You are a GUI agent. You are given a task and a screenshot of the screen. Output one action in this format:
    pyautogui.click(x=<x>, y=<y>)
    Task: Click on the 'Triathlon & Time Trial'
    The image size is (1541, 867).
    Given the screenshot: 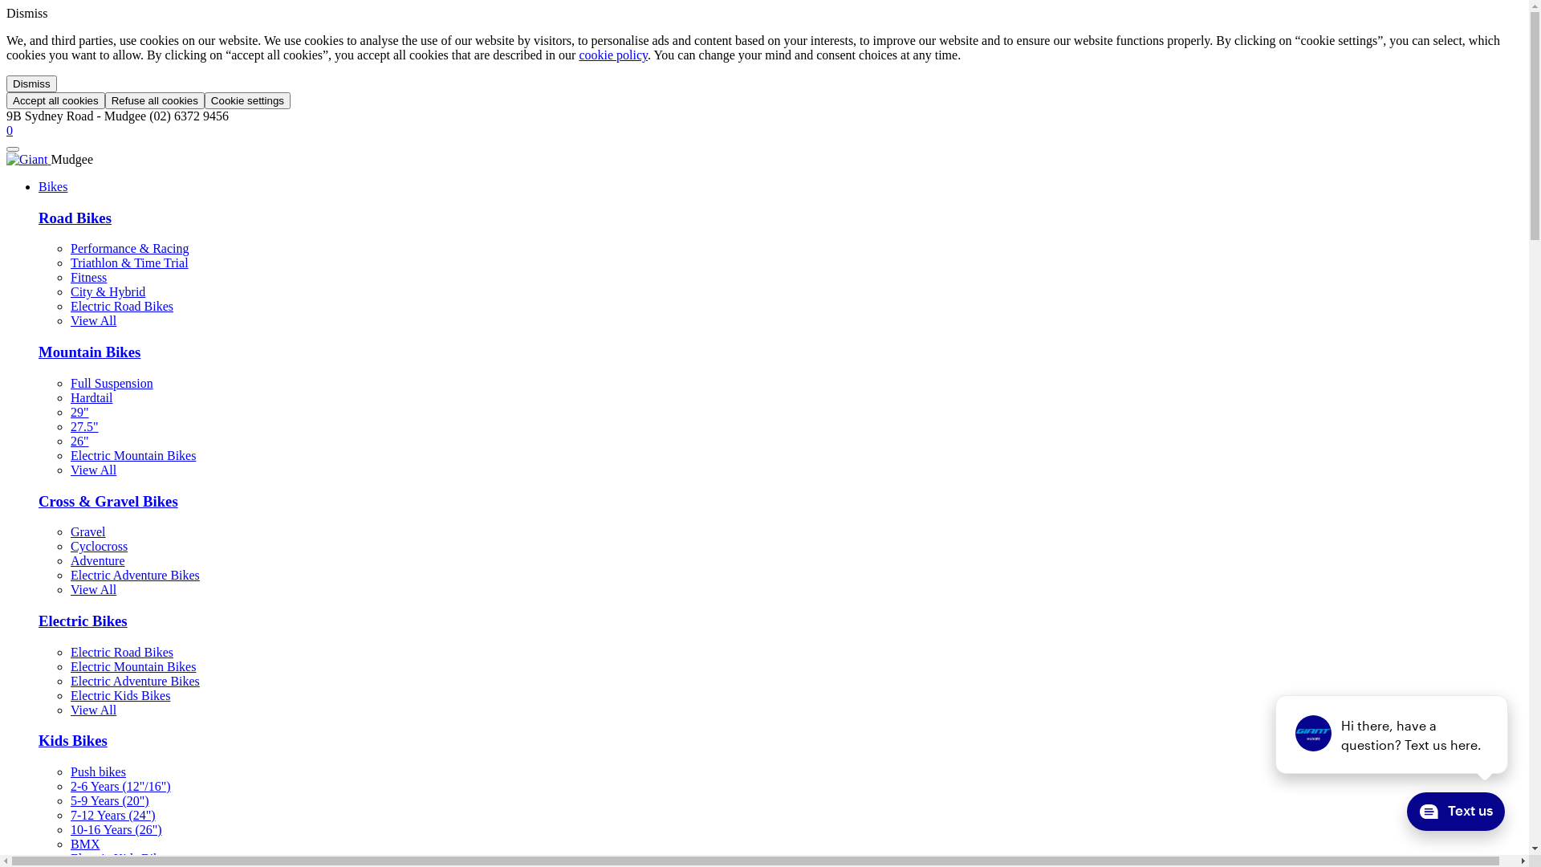 What is the action you would take?
    pyautogui.click(x=129, y=262)
    